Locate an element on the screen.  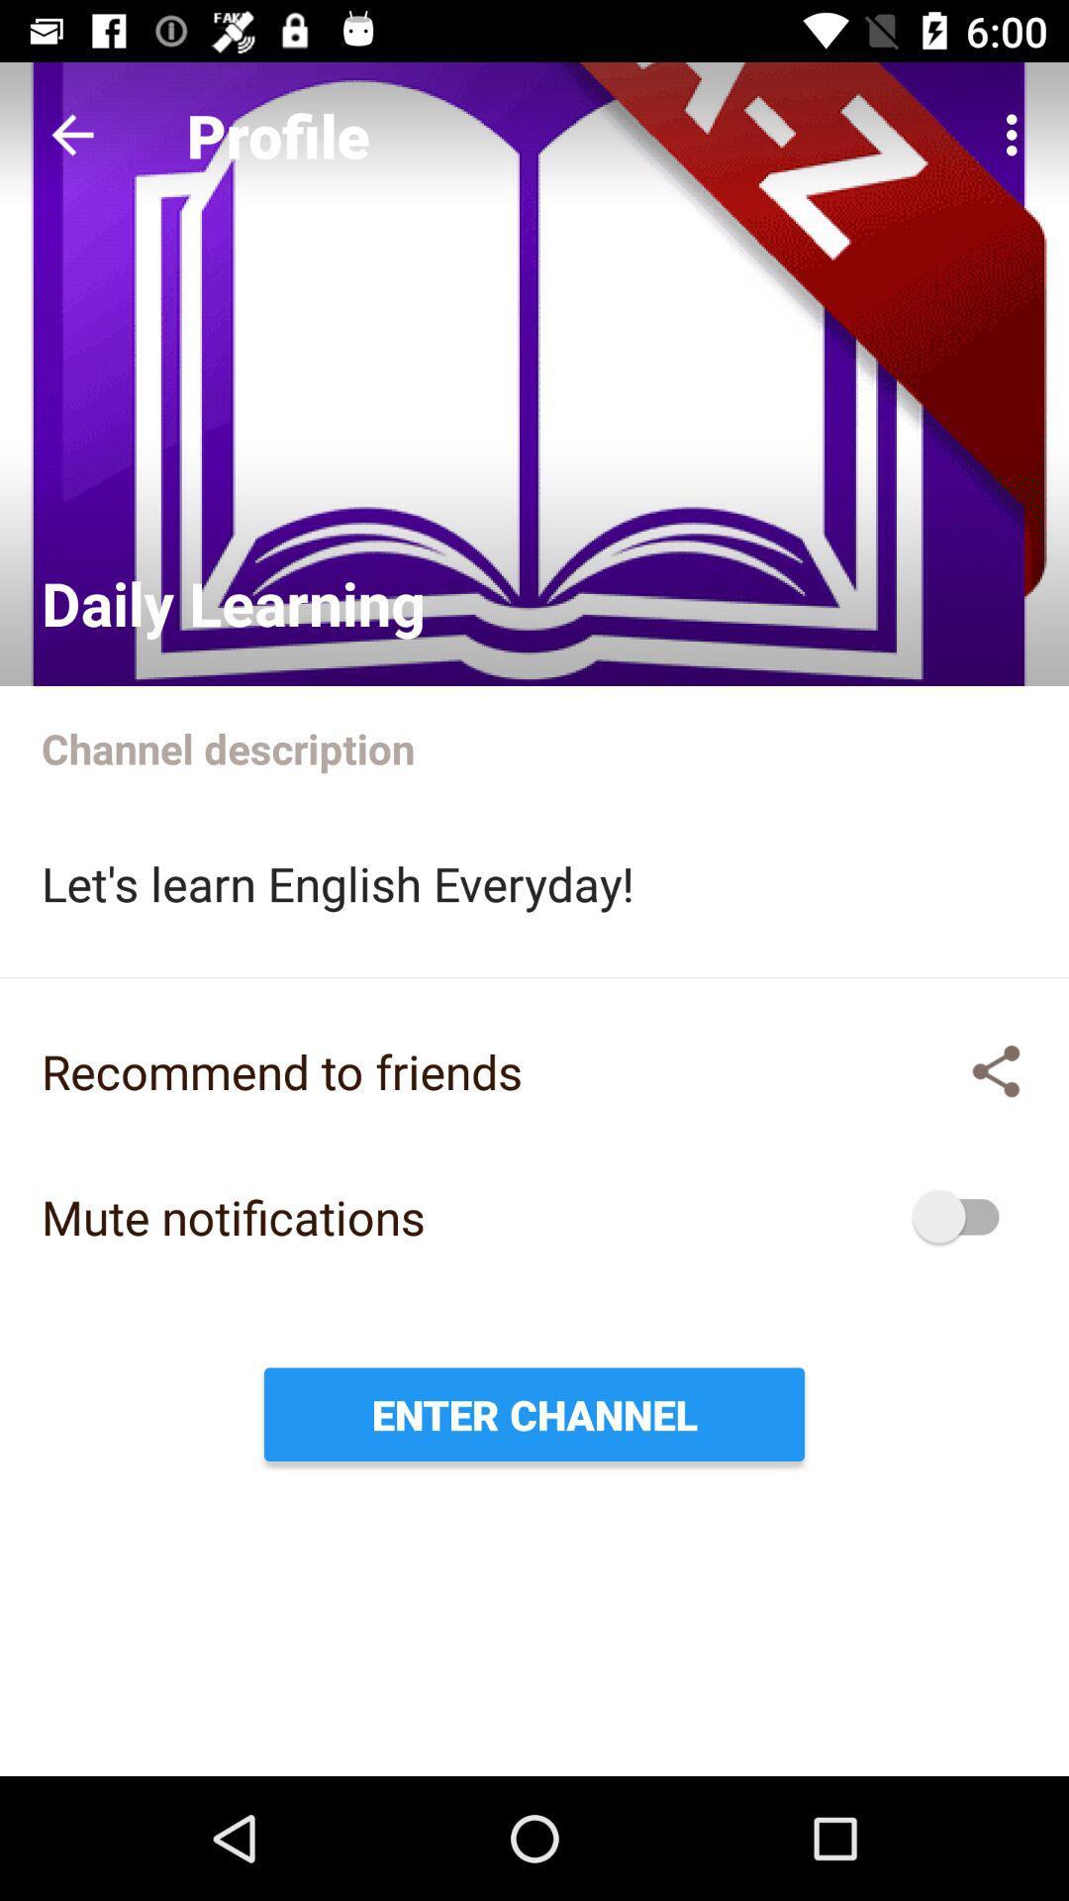
icon next to profile is located at coordinates (71, 134).